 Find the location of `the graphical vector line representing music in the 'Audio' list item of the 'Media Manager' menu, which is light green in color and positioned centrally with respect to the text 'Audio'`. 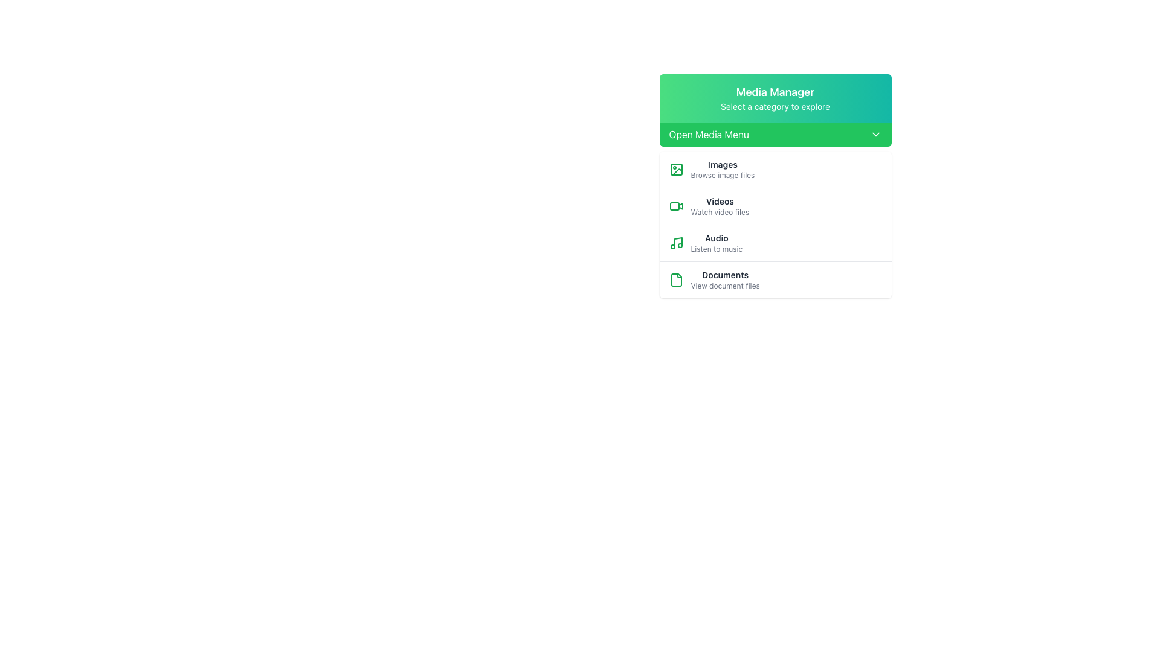

the graphical vector line representing music in the 'Audio' list item of the 'Media Manager' menu, which is light green in color and positioned centrally with respect to the text 'Audio' is located at coordinates (678, 242).